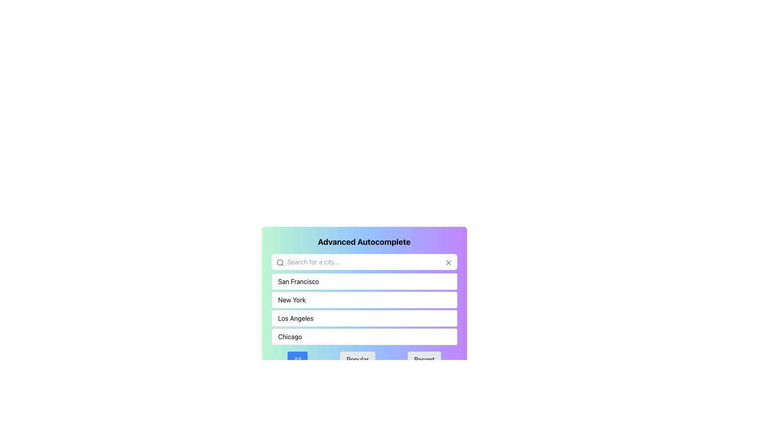 This screenshot has width=769, height=432. Describe the element at coordinates (280, 262) in the screenshot. I see `the Circle shape representing the lens component of the search icon in the SVG graphic located at the top-left corner of the main search input field` at that location.